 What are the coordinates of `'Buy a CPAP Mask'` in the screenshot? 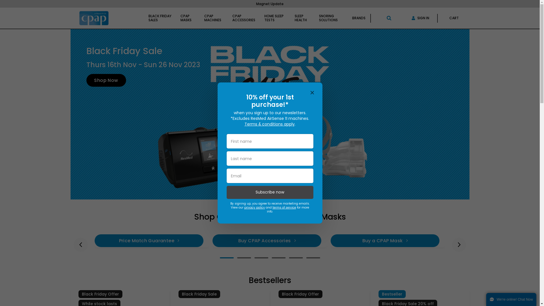 It's located at (385, 241).